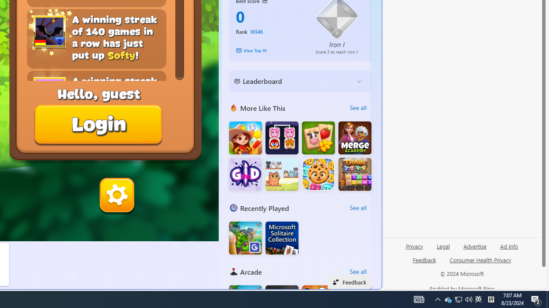 This screenshot has height=308, width=549. Describe the element at coordinates (269, 50) in the screenshot. I see `'View Top 10'` at that location.